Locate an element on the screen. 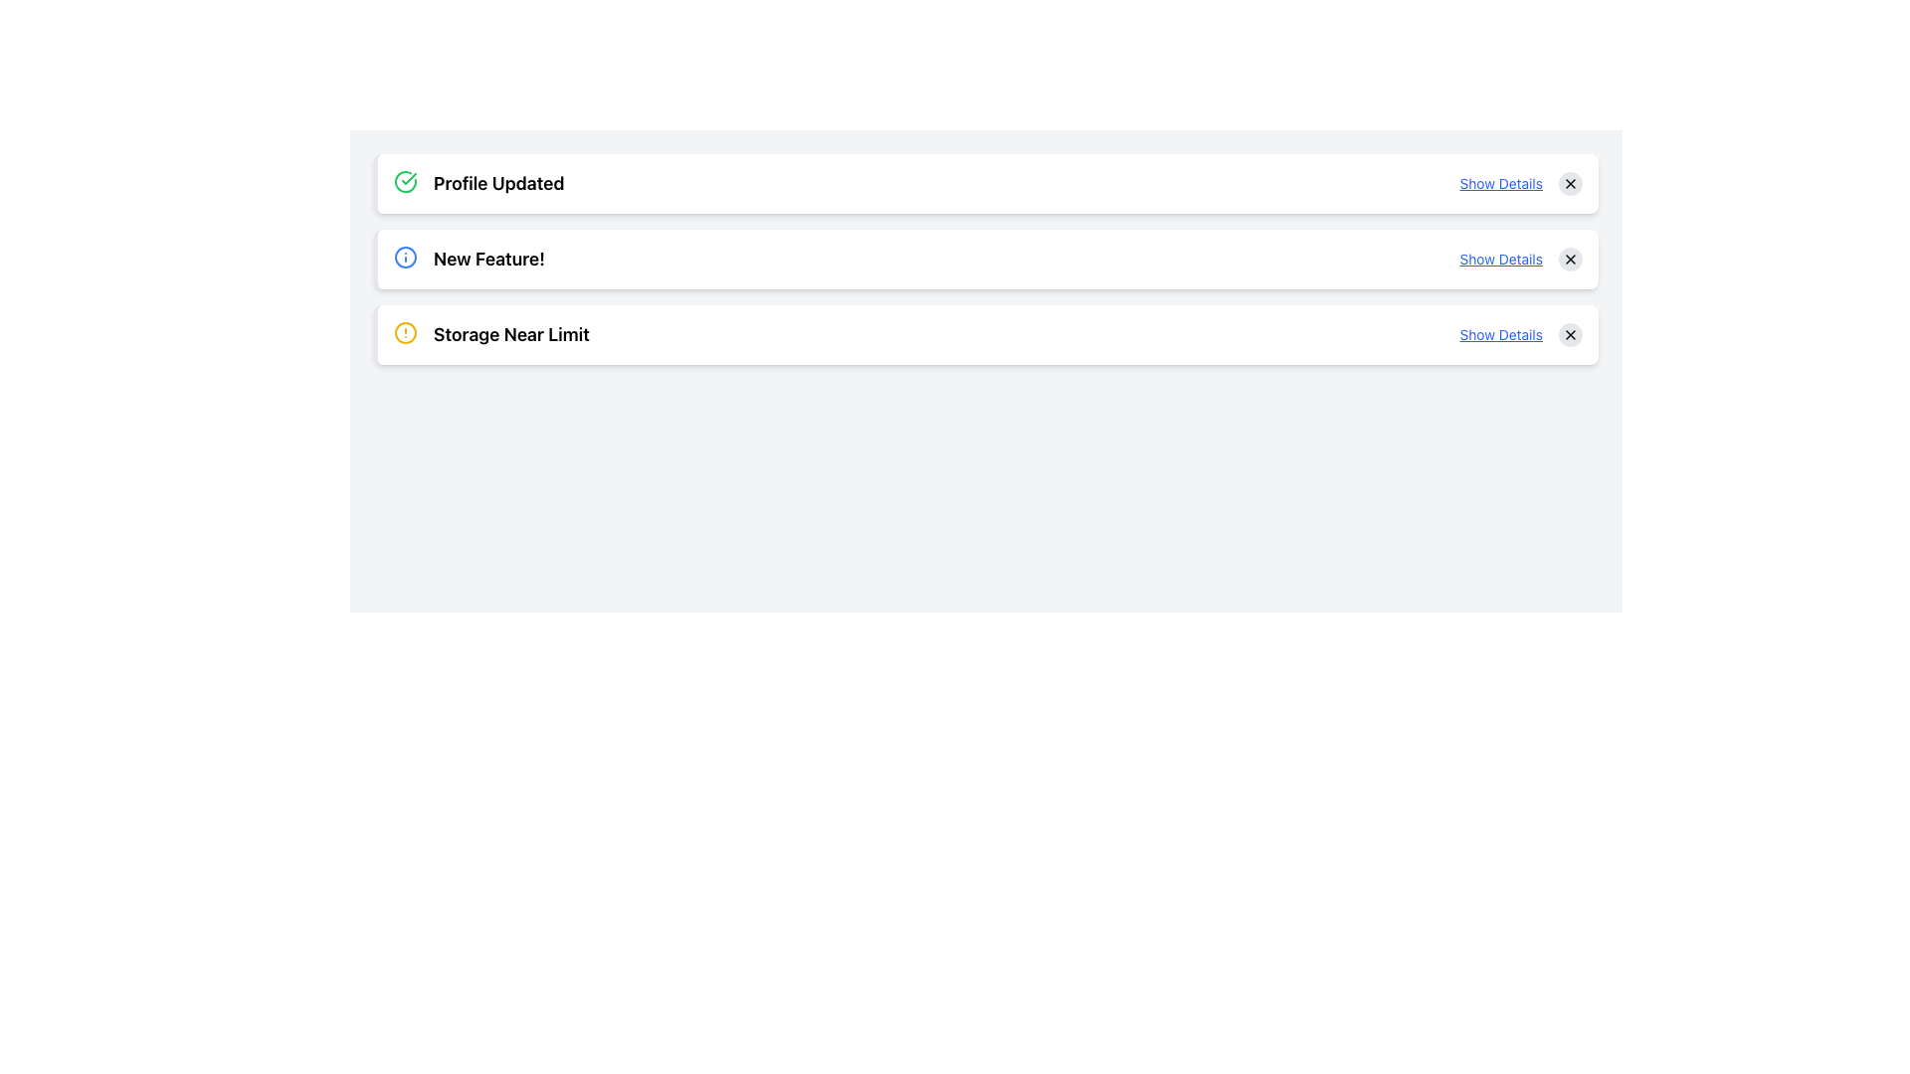 The width and height of the screenshot is (1910, 1074). the Informational icon located in the second row of the vertical list, adjacent to the 'New Feature!' label is located at coordinates (405, 256).